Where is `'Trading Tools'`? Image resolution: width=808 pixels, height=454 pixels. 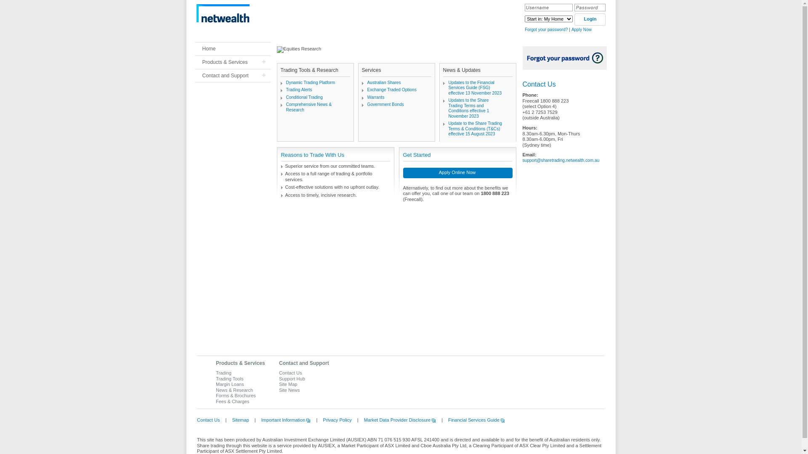
'Trading Tools' is located at coordinates (229, 379).